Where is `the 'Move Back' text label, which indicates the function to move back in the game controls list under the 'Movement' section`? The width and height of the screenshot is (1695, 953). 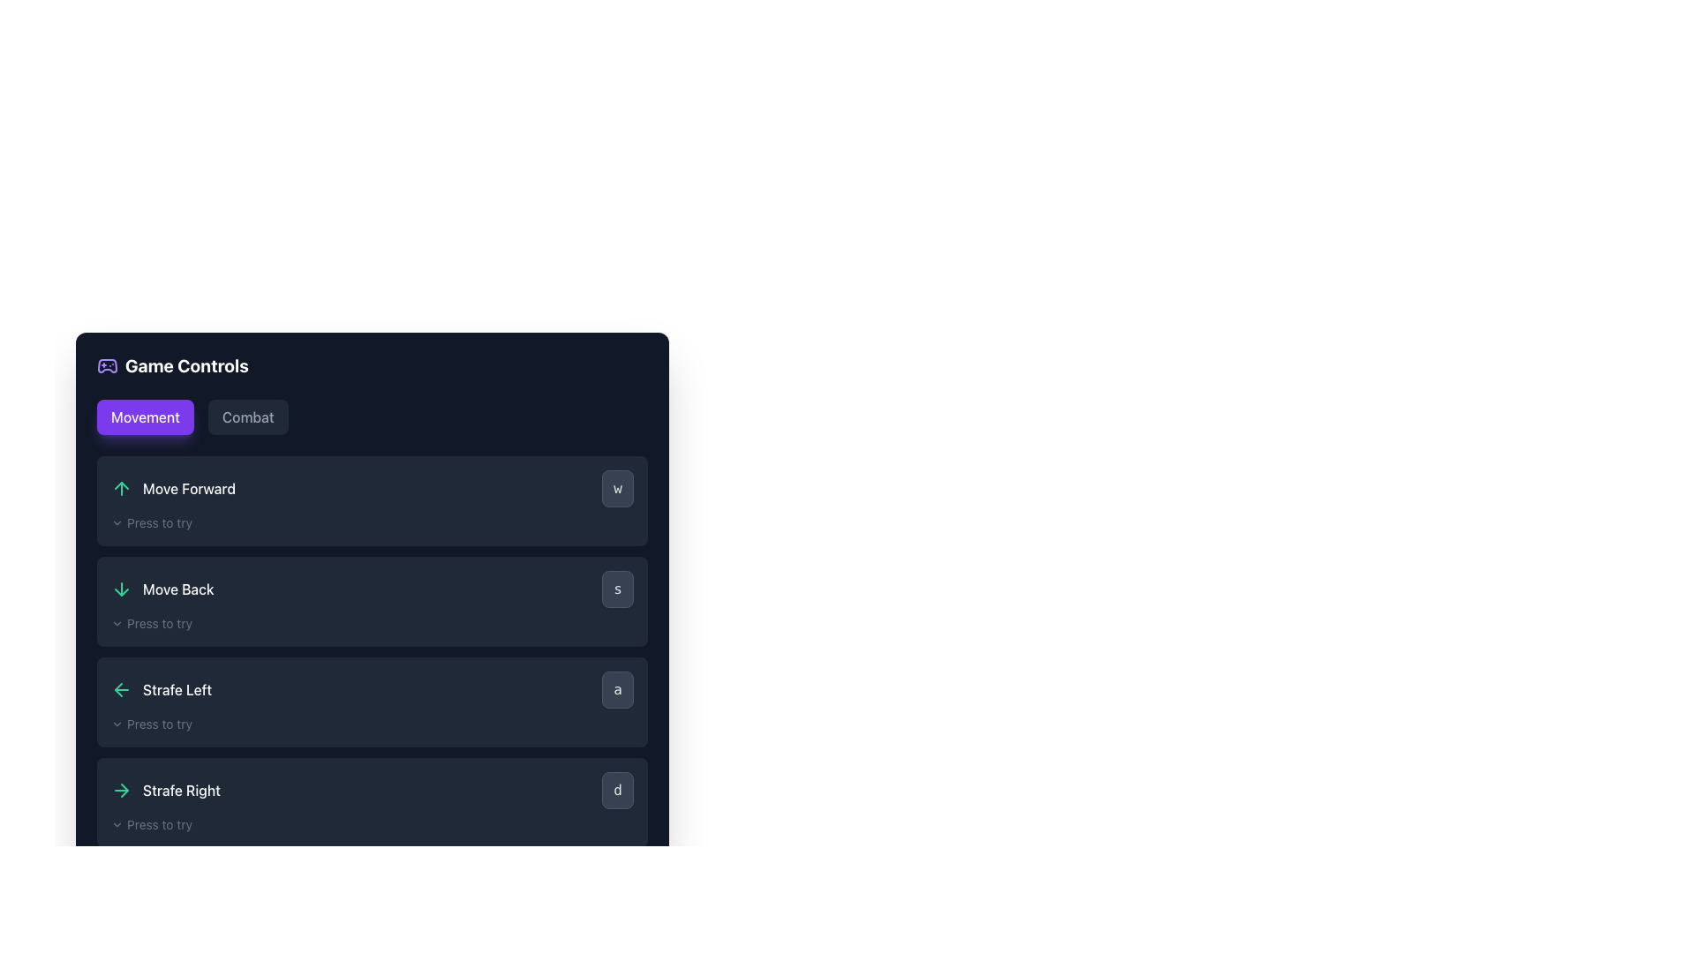
the 'Move Back' text label, which indicates the function to move back in the game controls list under the 'Movement' section is located at coordinates (178, 589).